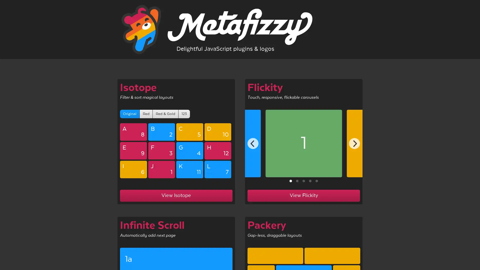  I want to click on 123, so click(184, 114).